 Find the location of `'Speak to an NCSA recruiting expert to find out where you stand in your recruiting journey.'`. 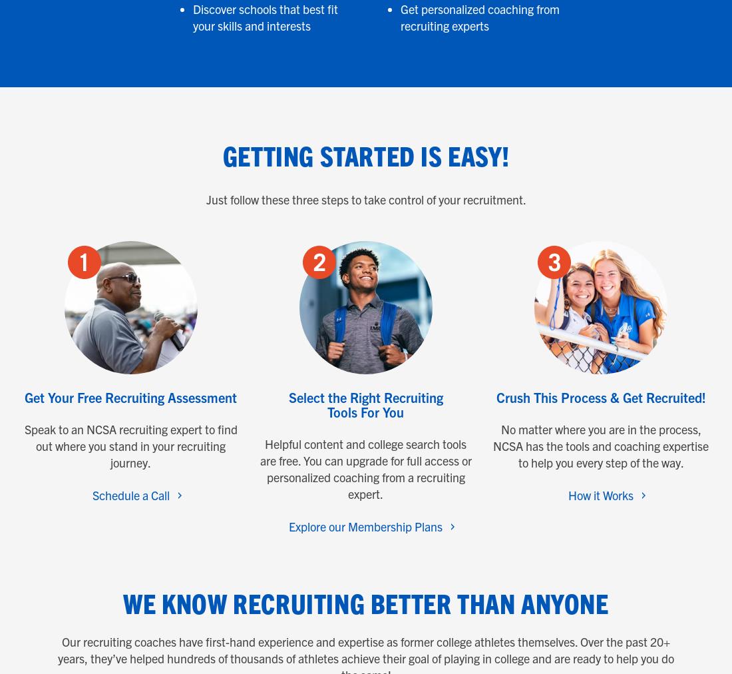

'Speak to an NCSA recruiting expert to find out where you stand in your recruiting journey.' is located at coordinates (130, 446).